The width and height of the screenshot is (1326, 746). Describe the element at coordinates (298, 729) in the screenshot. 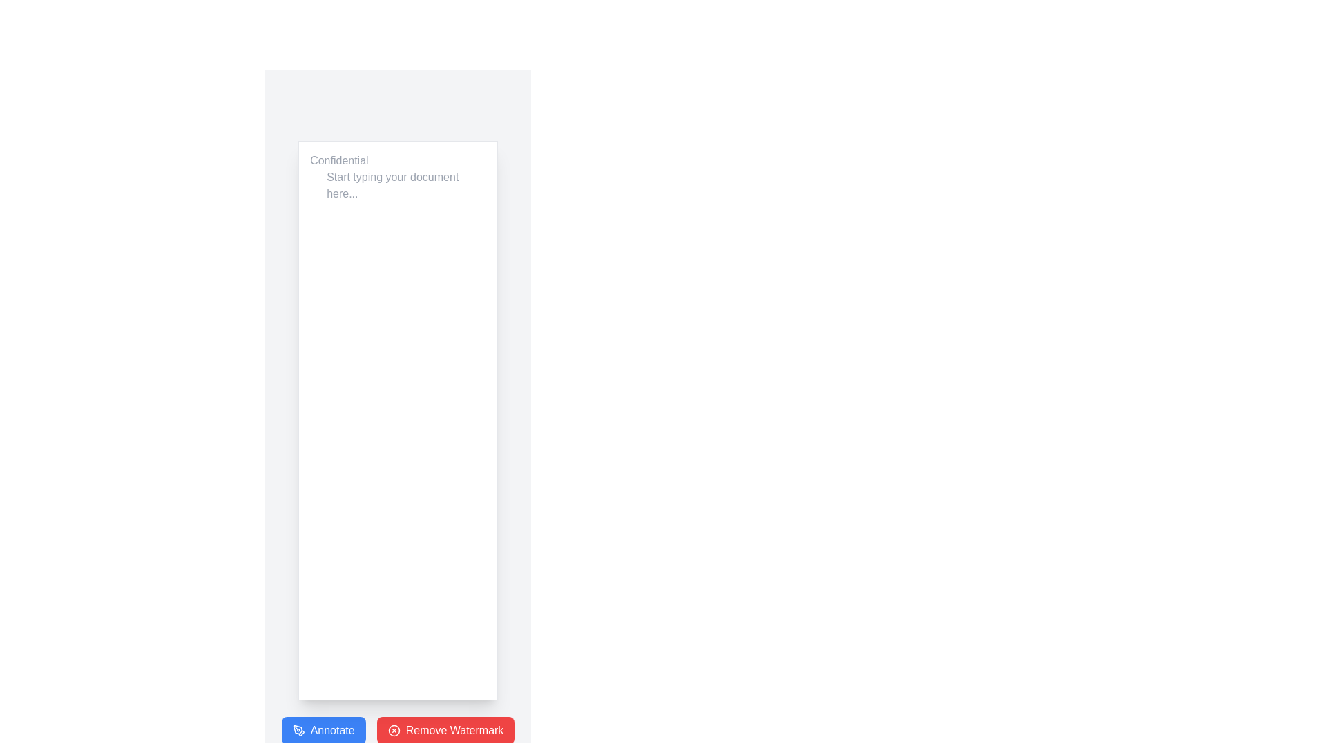

I see `the 'Annotate' button located at the bottom-left corner of the interface, which contains the icon for the annotate functionality` at that location.